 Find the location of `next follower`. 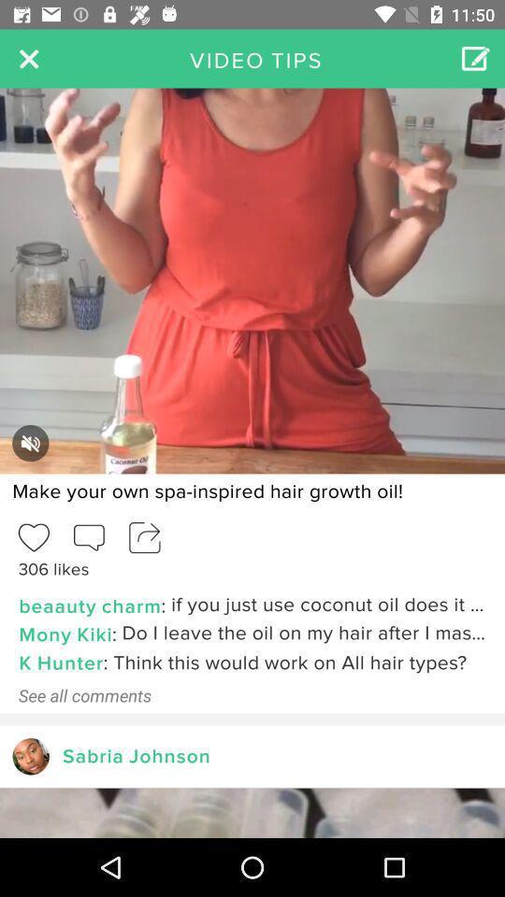

next follower is located at coordinates (30, 756).